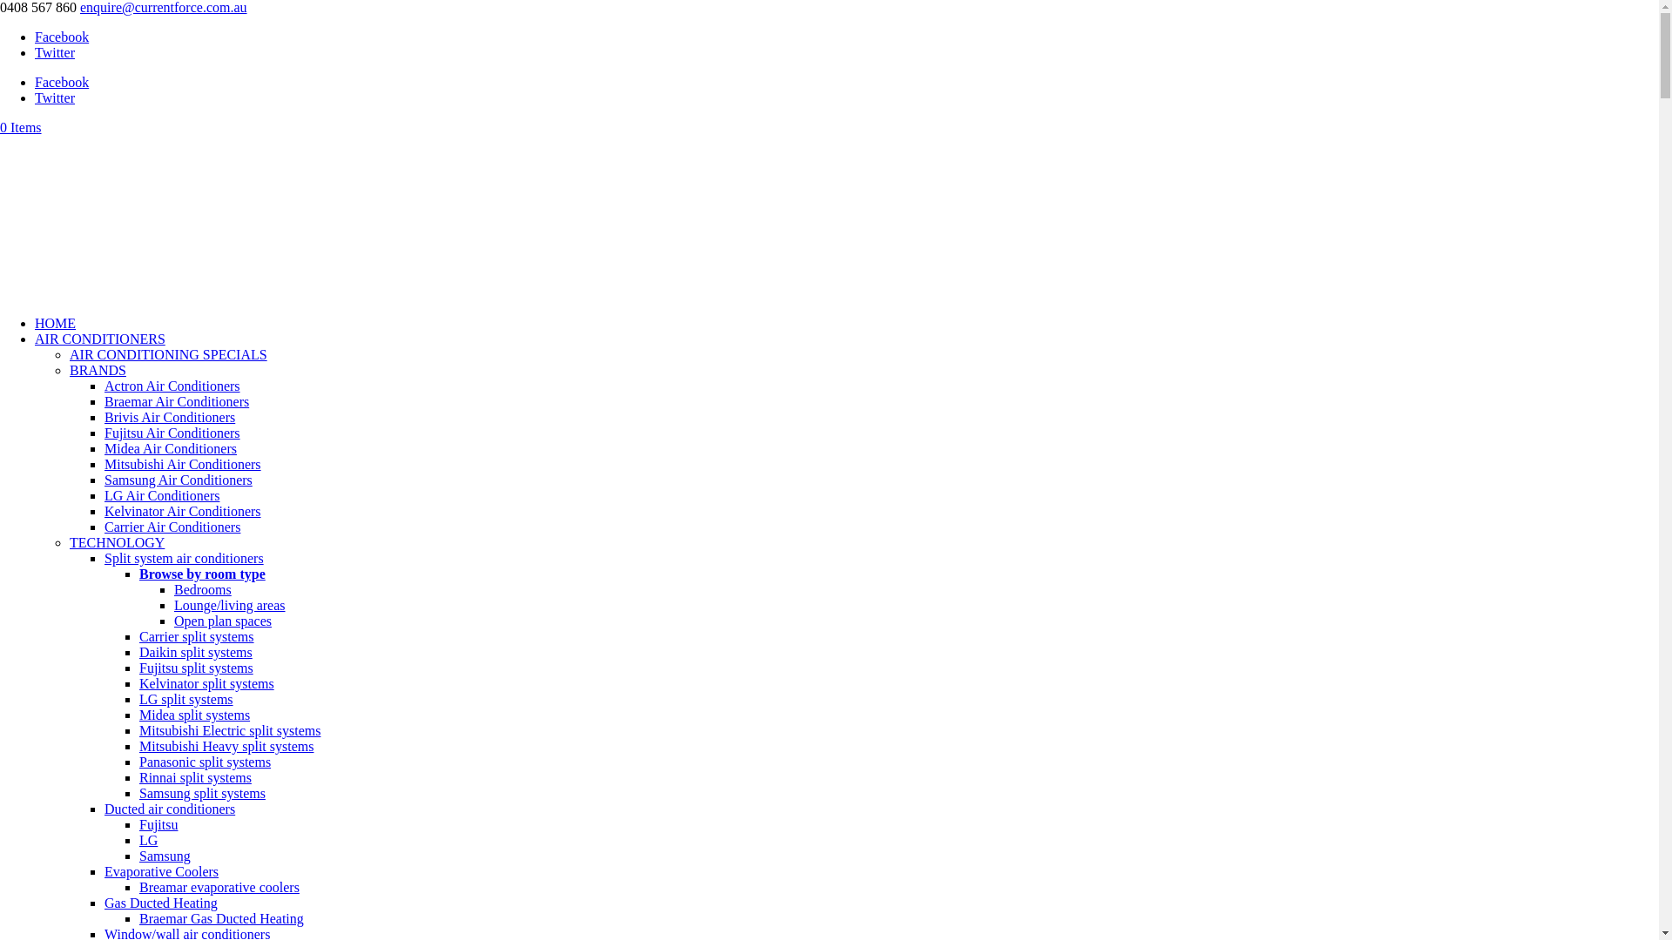 The image size is (1672, 940). What do you see at coordinates (104, 526) in the screenshot?
I see `'Carrier Air Conditioners'` at bounding box center [104, 526].